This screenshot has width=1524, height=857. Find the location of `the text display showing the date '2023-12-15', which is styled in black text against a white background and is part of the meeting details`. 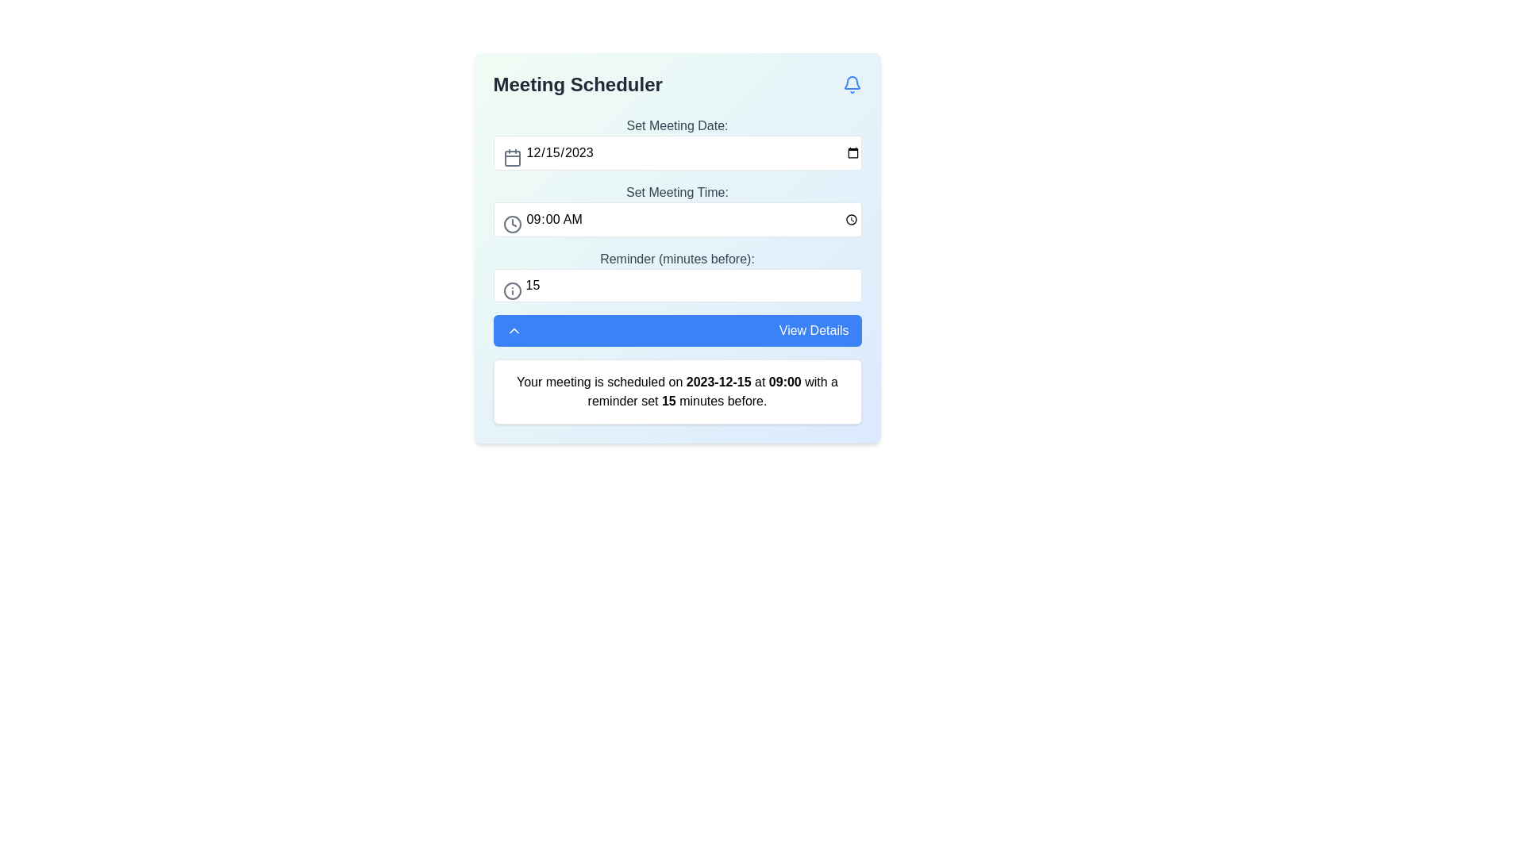

the text display showing the date '2023-12-15', which is styled in black text against a white background and is part of the meeting details is located at coordinates (718, 382).